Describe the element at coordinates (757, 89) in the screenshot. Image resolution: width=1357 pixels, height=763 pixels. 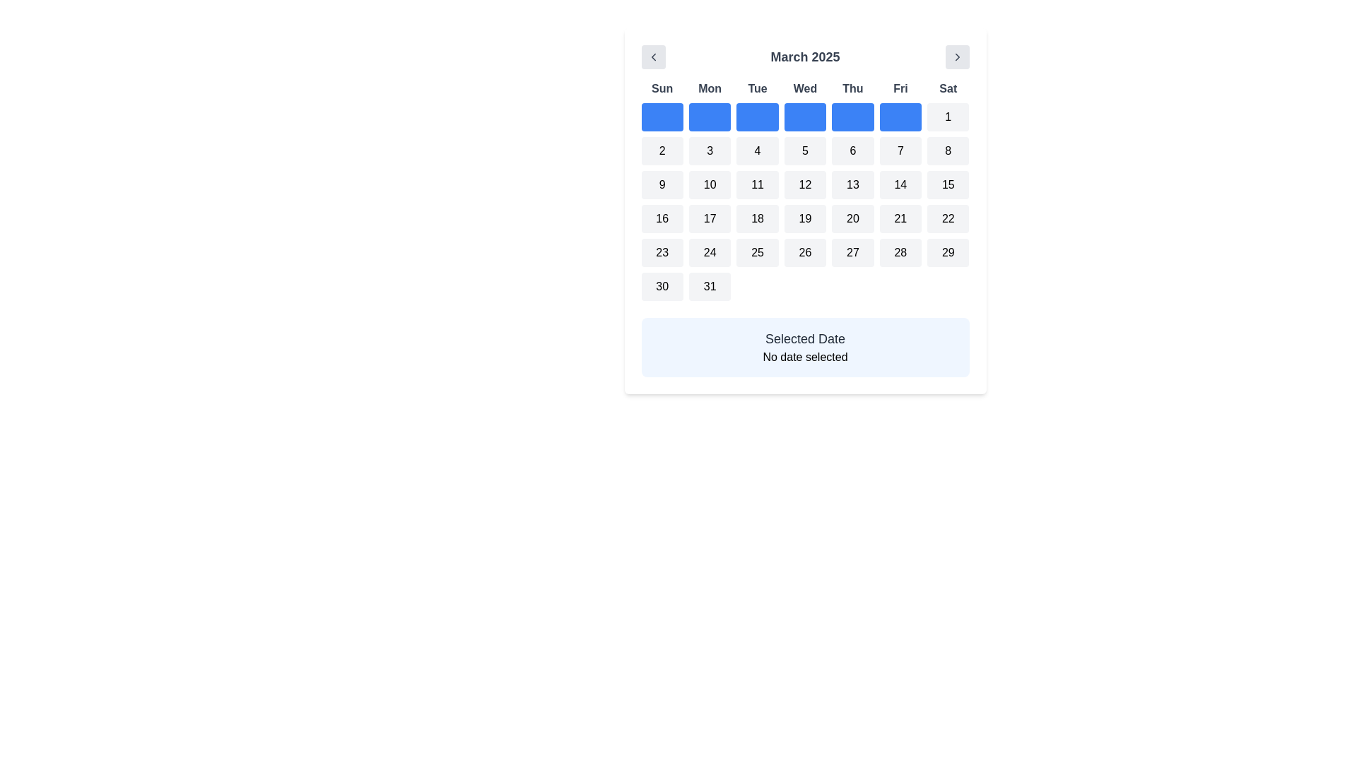
I see `the text label containing 'Tue', which is the third item in the row of days of the week in the calendar view` at that location.